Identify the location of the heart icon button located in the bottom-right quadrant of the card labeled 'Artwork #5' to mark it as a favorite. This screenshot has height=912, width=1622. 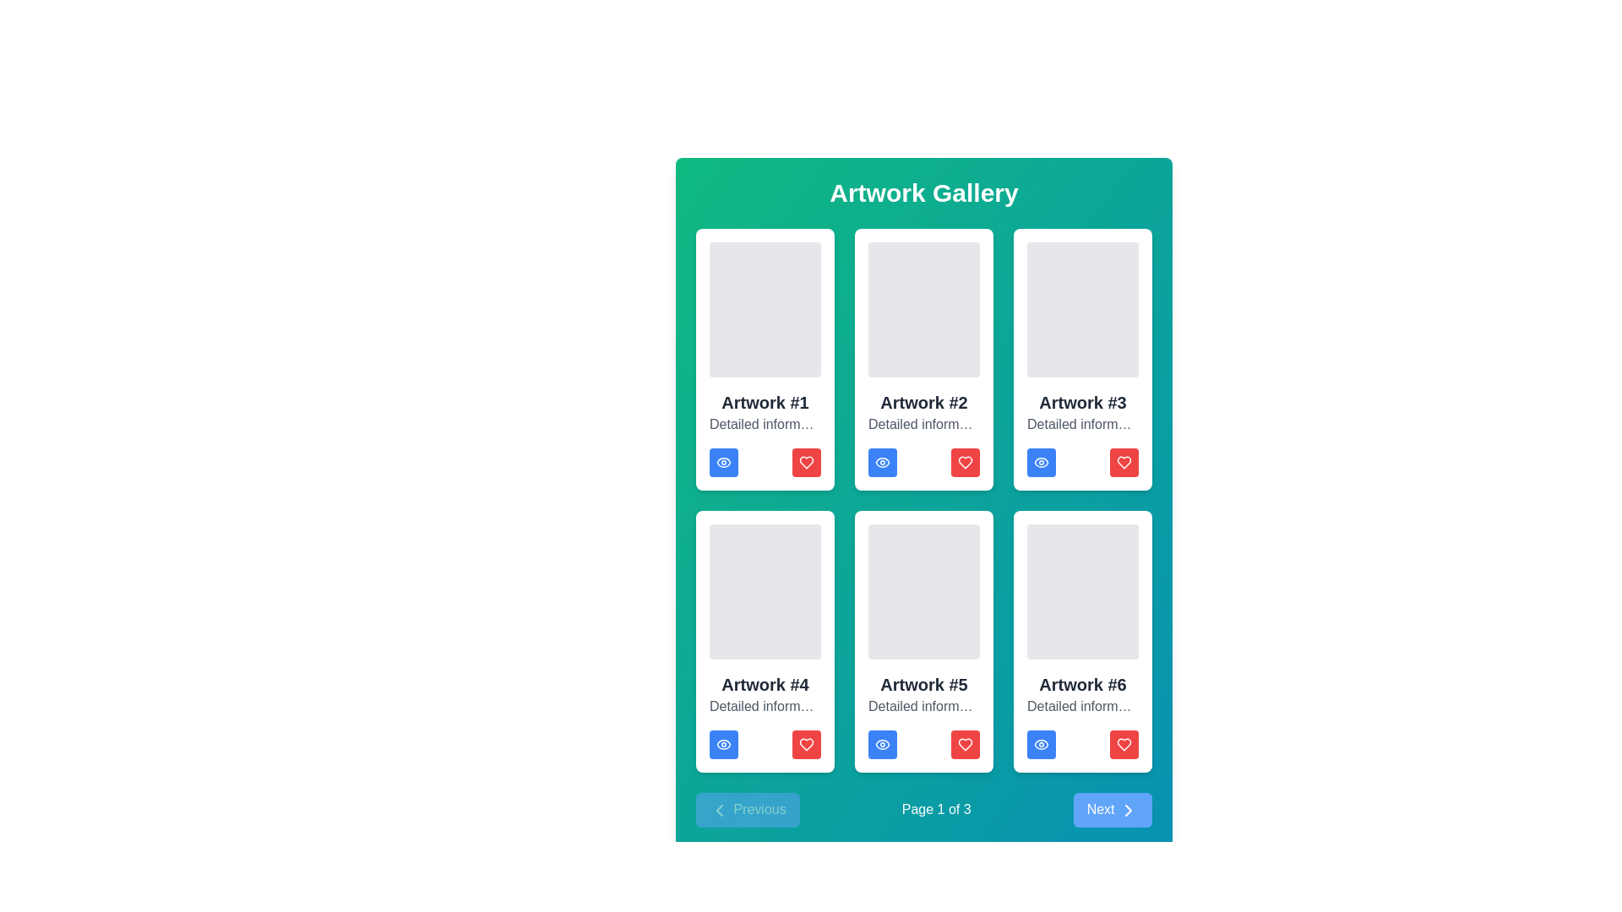
(806, 744).